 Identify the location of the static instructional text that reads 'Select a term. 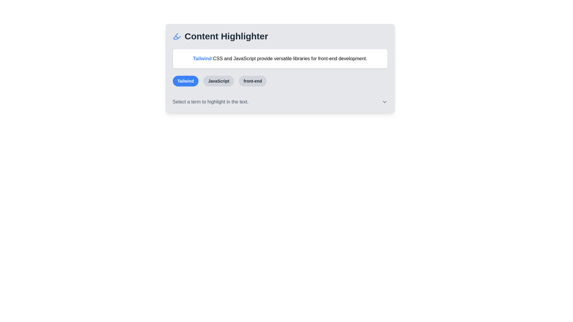
(210, 102).